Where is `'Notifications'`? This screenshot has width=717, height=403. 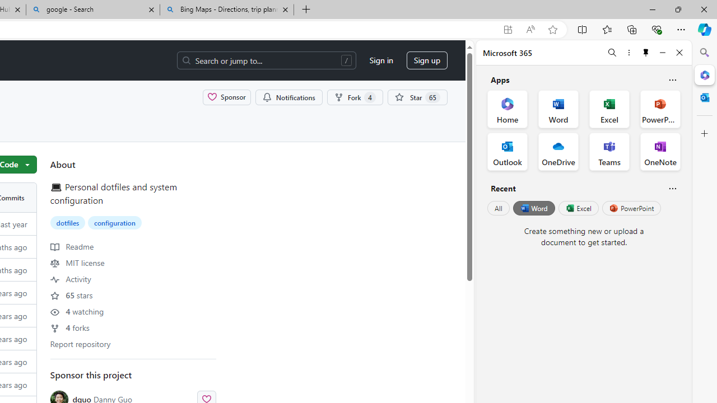
'Notifications' is located at coordinates (288, 96).